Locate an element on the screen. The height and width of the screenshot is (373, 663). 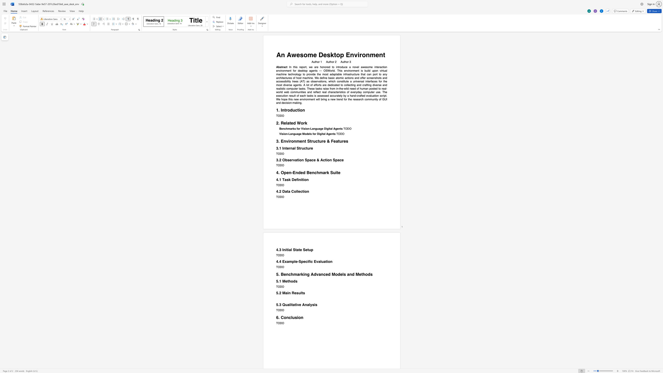
the 1th character "R" in the text is located at coordinates (293, 293).